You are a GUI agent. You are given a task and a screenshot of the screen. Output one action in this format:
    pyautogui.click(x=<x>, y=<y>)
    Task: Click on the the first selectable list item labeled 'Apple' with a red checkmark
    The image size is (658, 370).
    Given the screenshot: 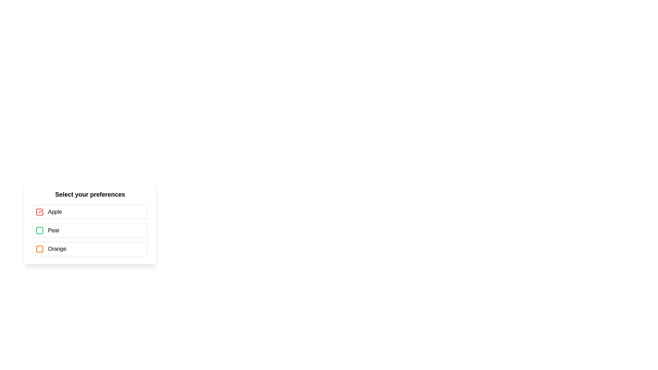 What is the action you would take?
    pyautogui.click(x=90, y=211)
    